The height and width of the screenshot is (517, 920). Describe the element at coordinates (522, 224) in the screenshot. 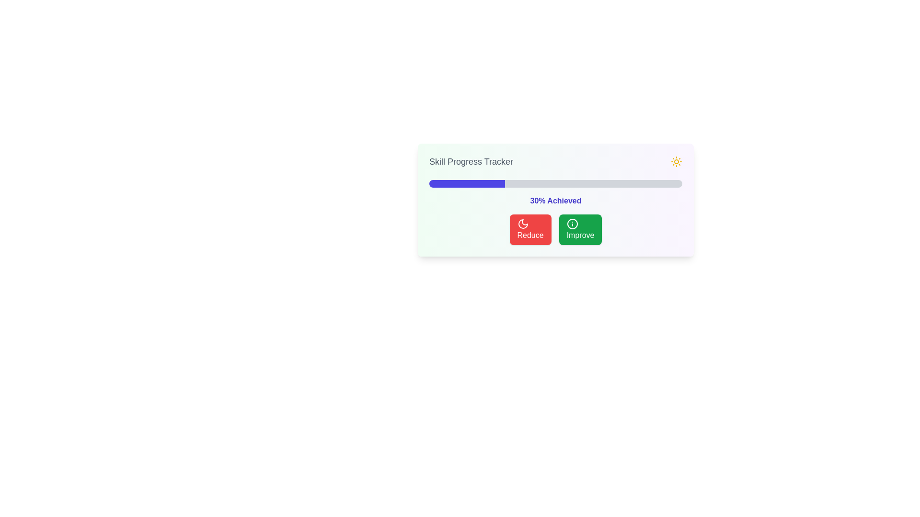

I see `the moon SVG icon located within the 'Reduce' button at the bottom-left of the card UI element` at that location.